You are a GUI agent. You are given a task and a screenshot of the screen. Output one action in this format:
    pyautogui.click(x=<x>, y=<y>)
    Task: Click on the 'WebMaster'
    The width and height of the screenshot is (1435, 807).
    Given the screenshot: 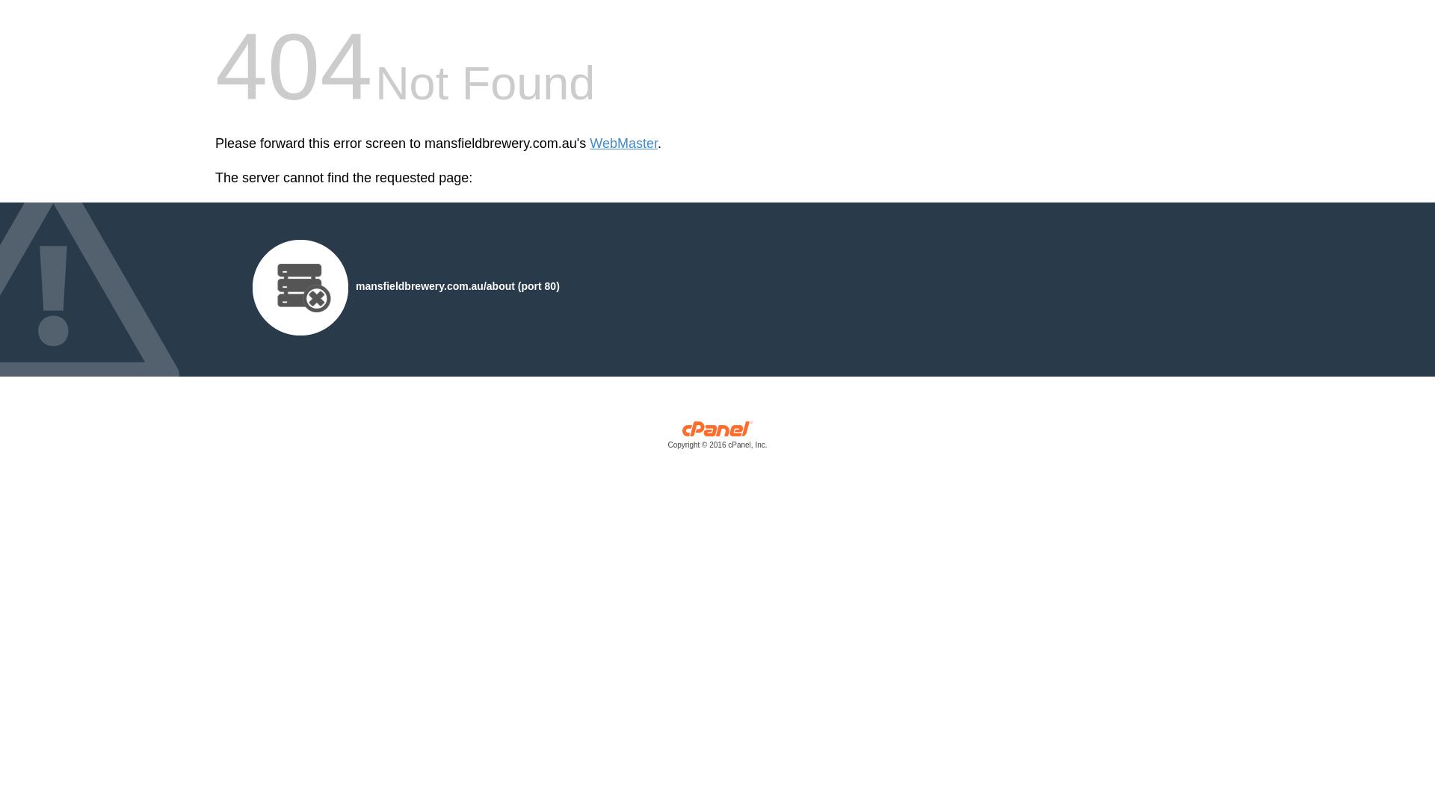 What is the action you would take?
    pyautogui.click(x=623, y=143)
    